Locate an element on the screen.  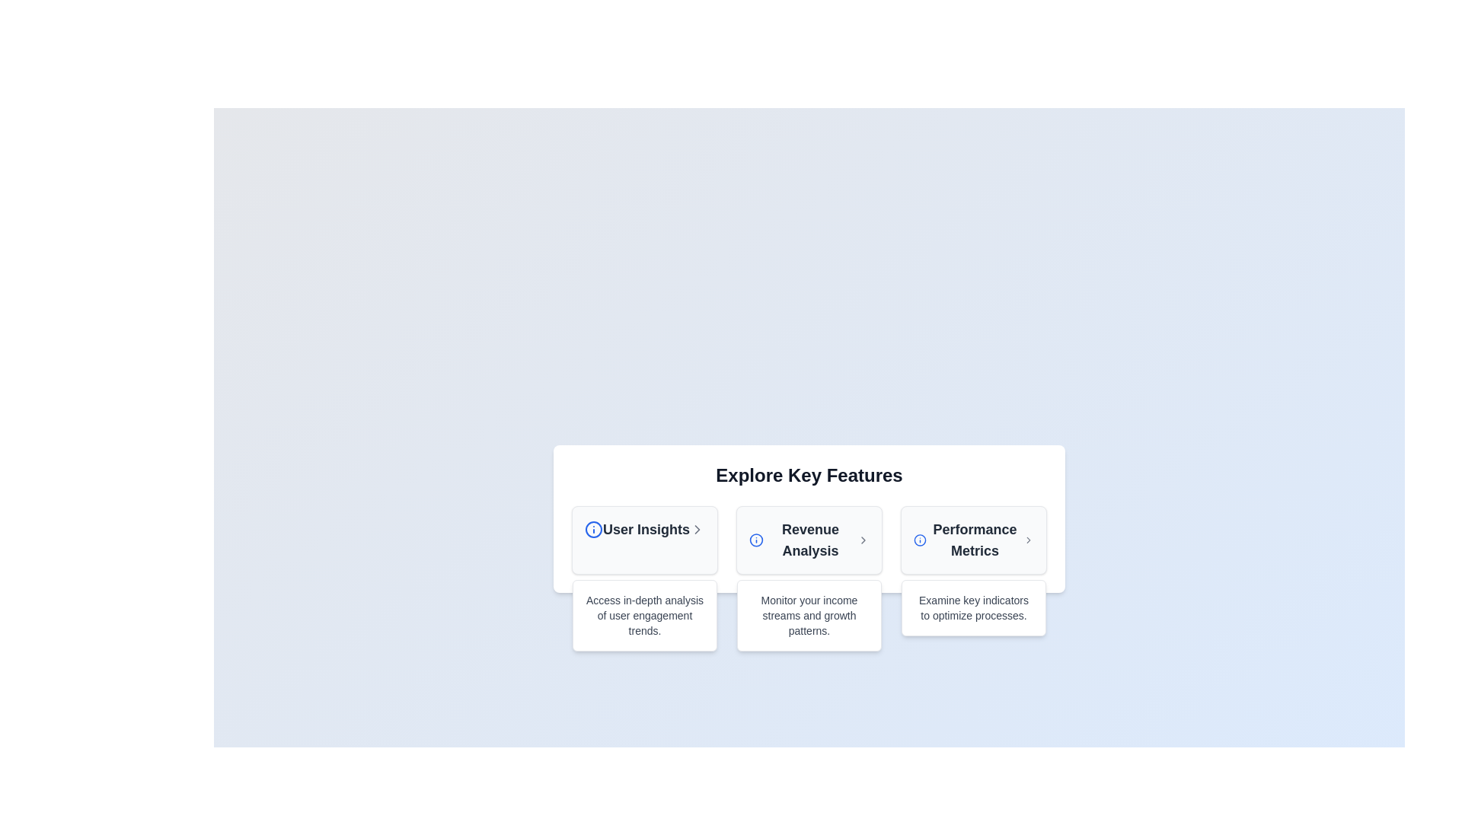
the static text label in the 'Performance Metrics' section, which provides additional context about the feature is located at coordinates (972, 607).